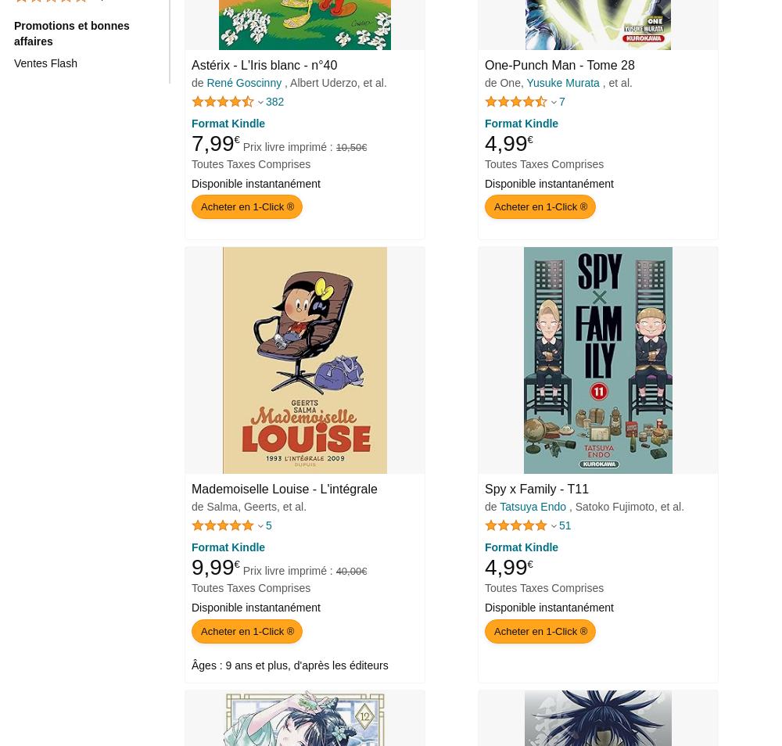 The image size is (782, 746). I want to click on '382', so click(274, 101).